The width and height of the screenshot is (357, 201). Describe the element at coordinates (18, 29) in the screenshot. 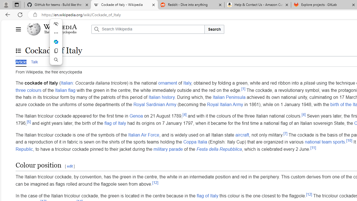

I see `'Main menu'` at that location.